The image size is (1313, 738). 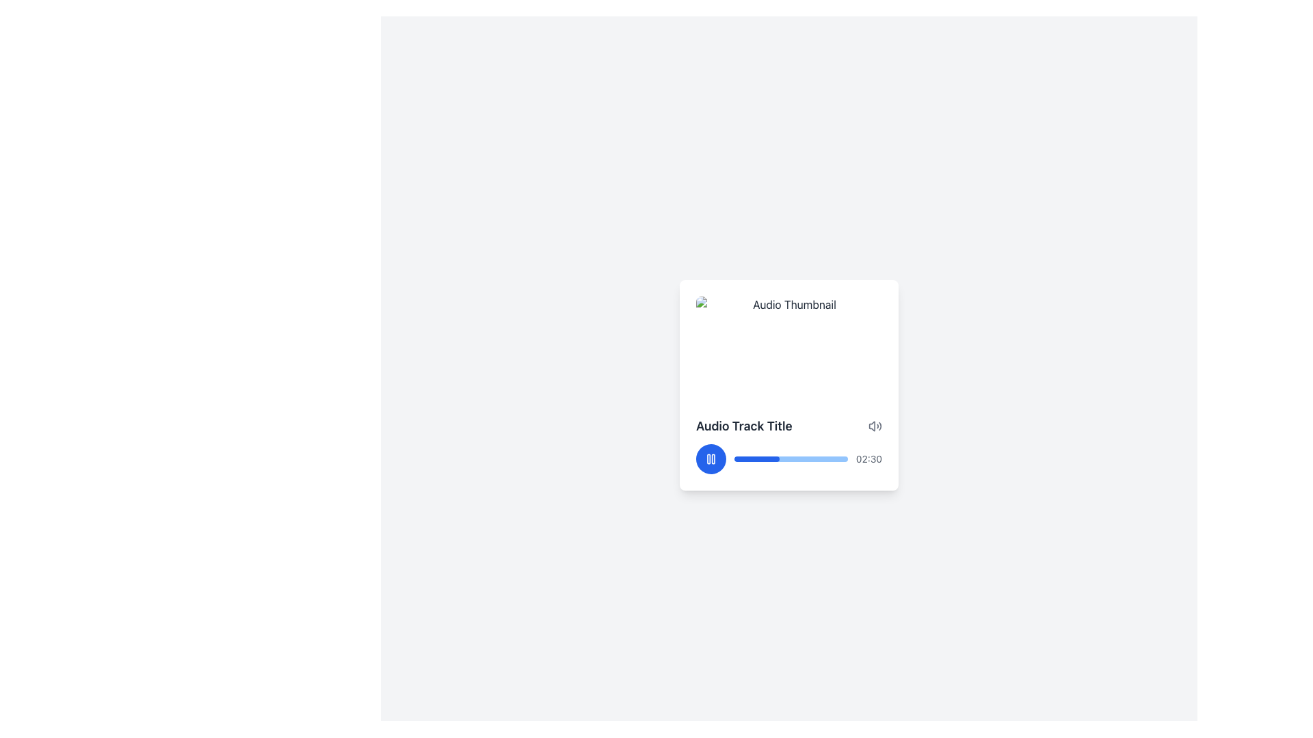 What do you see at coordinates (833, 459) in the screenshot?
I see `audio track progress` at bounding box center [833, 459].